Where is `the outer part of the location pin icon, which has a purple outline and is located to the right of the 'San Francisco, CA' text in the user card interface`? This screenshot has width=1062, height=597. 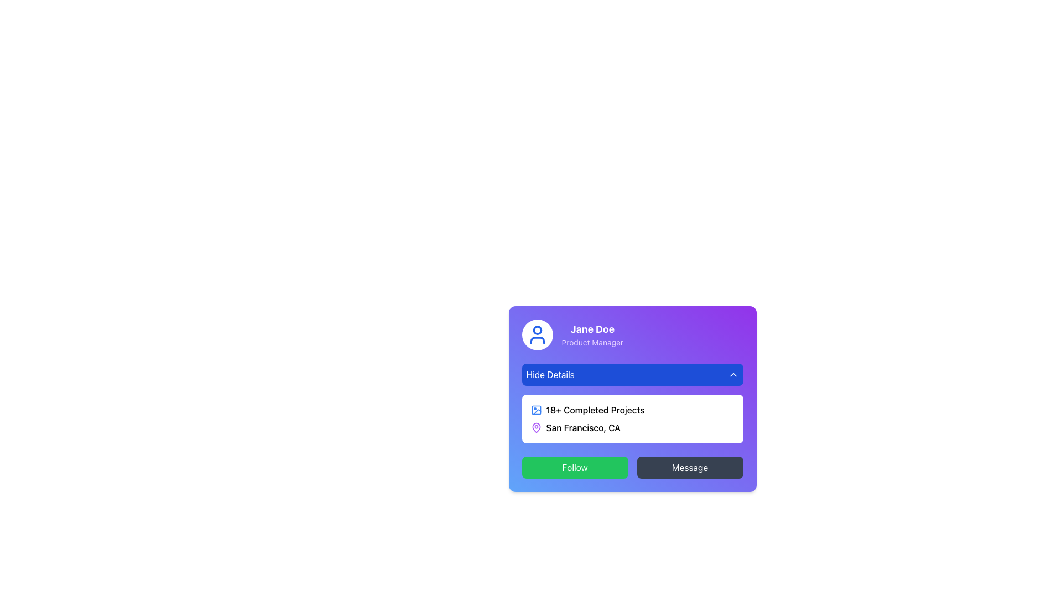
the outer part of the location pin icon, which has a purple outline and is located to the right of the 'San Francisco, CA' text in the user card interface is located at coordinates (536, 427).